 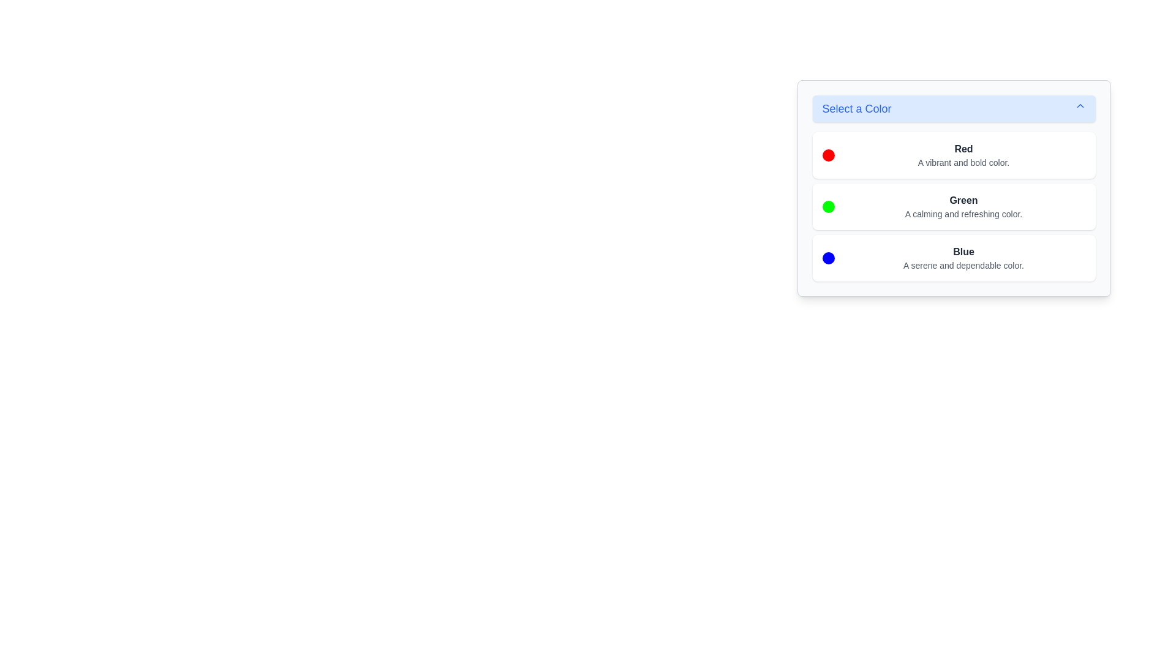 What do you see at coordinates (963, 252) in the screenshot?
I see `the label that displays the text 'Blue' in bold dark gray, positioned below the options 'Red' and 'Green' in the vertical stack` at bounding box center [963, 252].